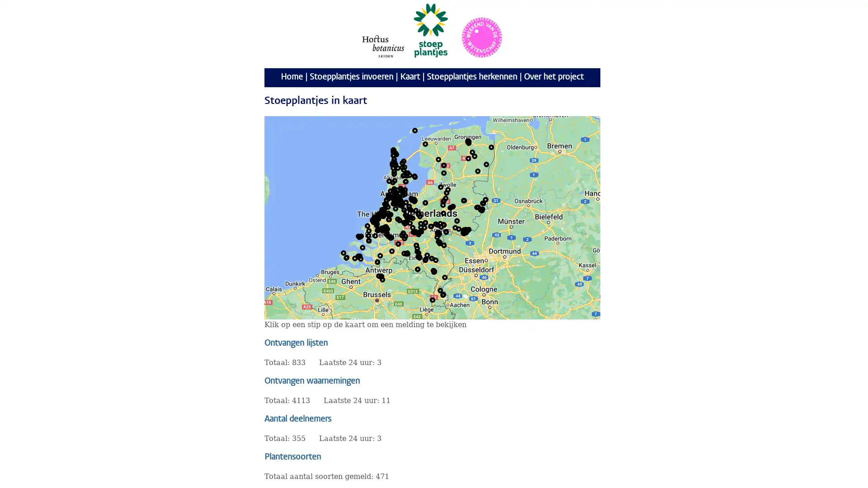  I want to click on Telling van op 01 december 2021, so click(384, 214).